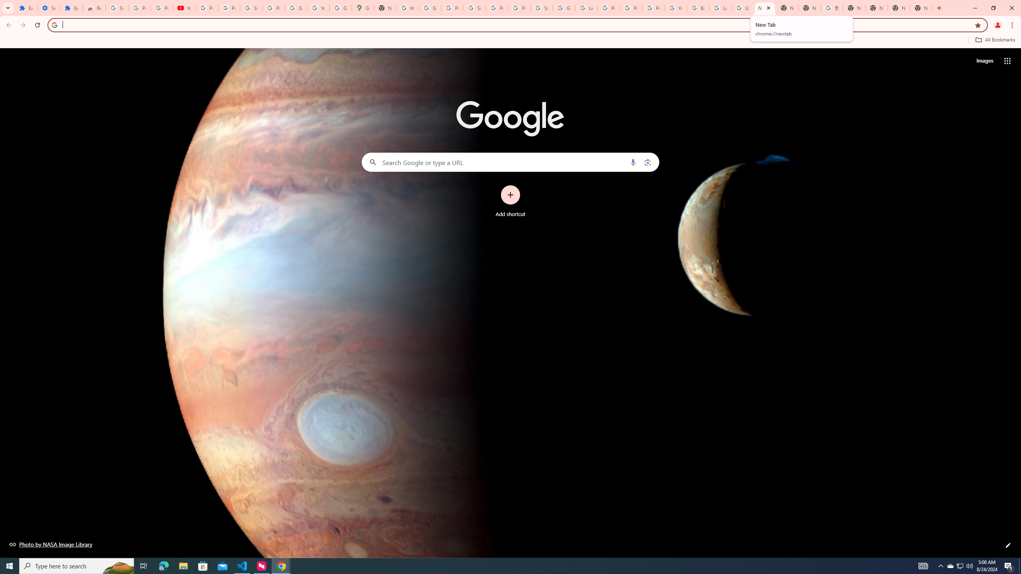 Image resolution: width=1021 pixels, height=574 pixels. Describe the element at coordinates (1008, 545) in the screenshot. I see `'Customize this page'` at that location.